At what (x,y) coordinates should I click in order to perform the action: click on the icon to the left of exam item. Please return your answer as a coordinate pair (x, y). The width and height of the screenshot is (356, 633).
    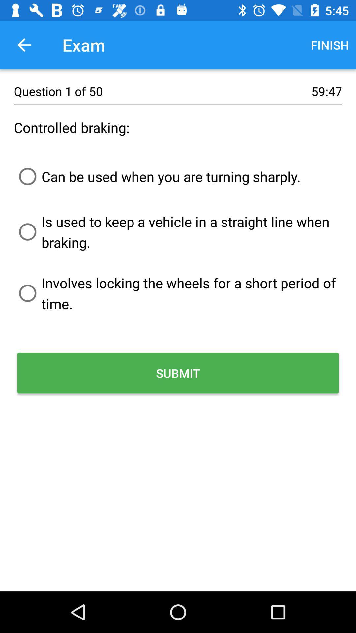
    Looking at the image, I should click on (24, 45).